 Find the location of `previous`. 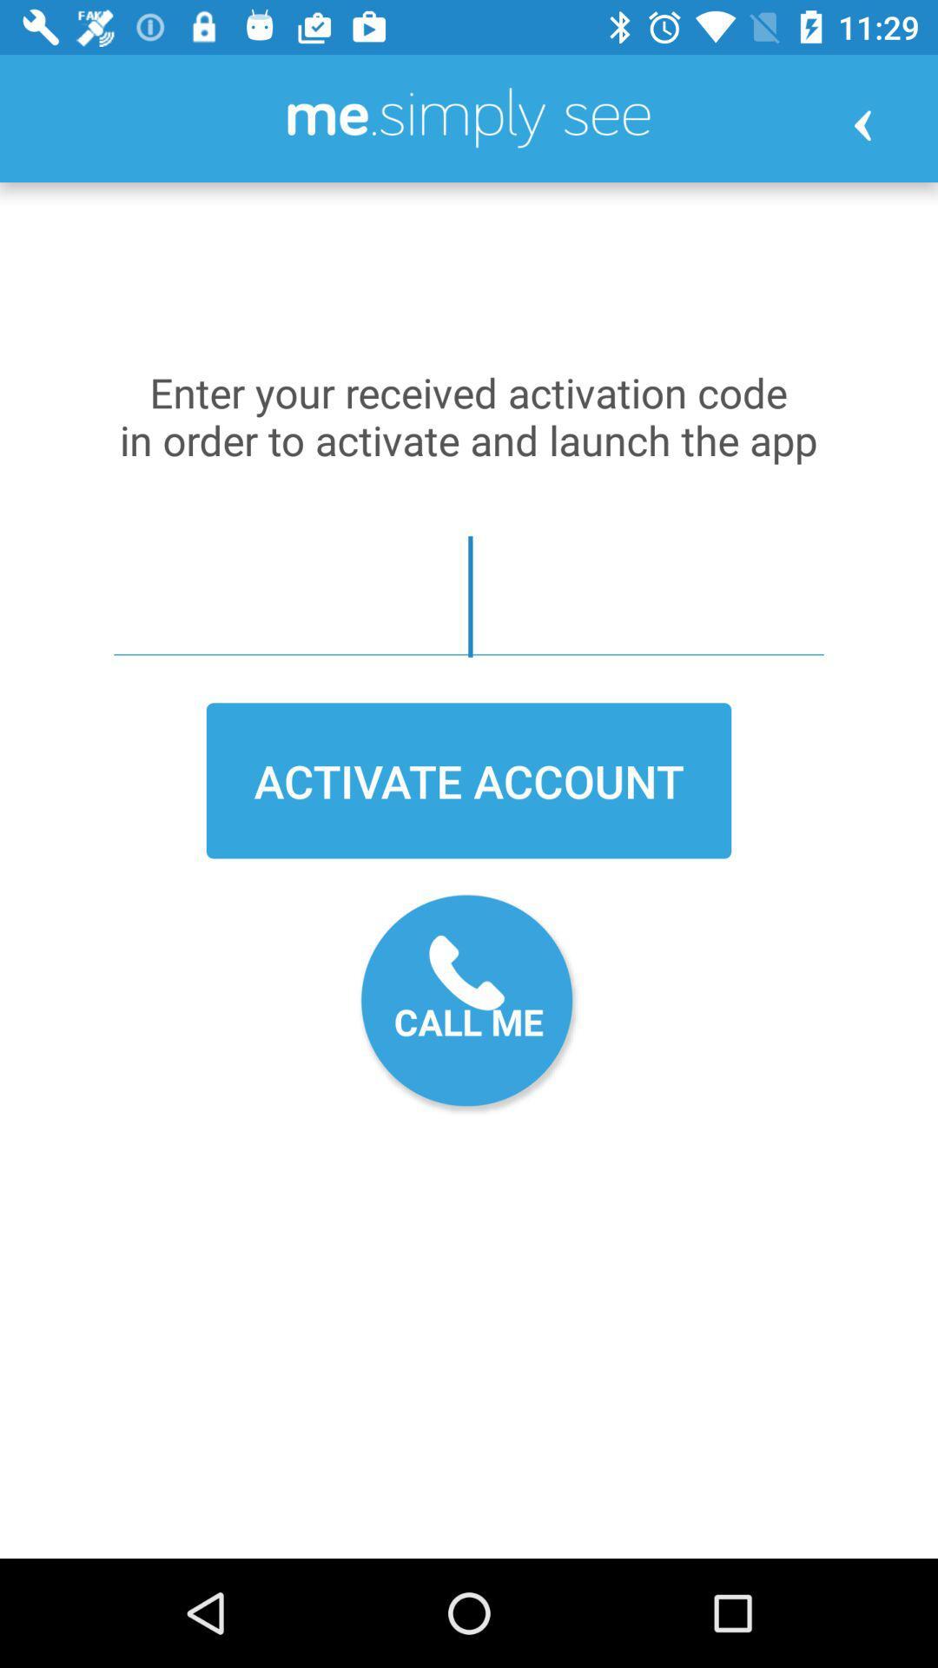

previous is located at coordinates (862, 124).